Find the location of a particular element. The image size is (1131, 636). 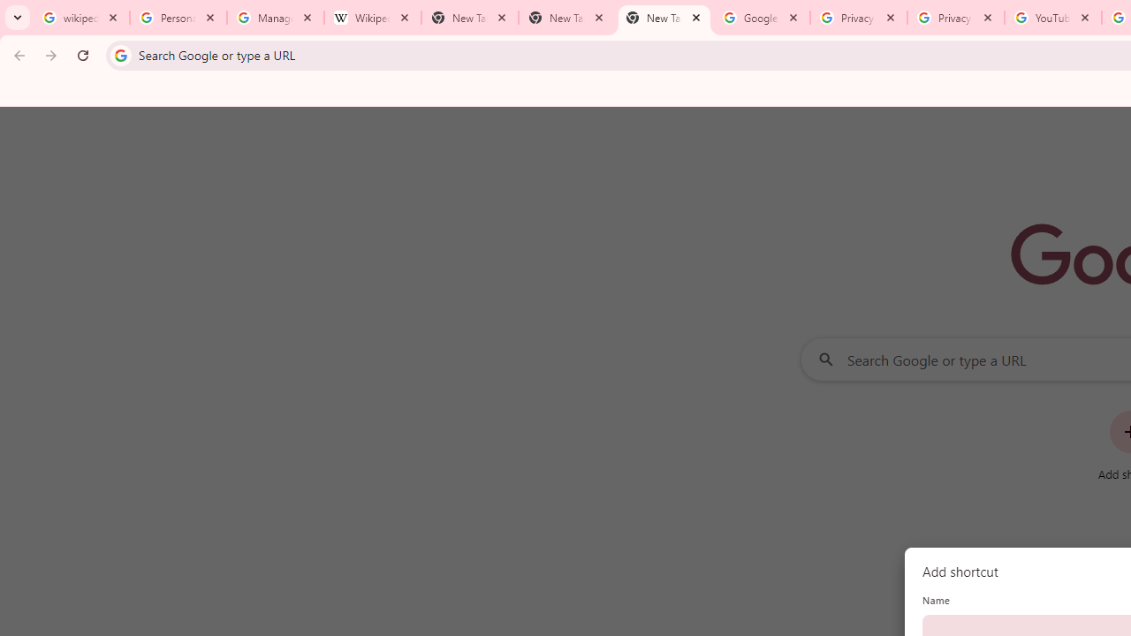

'Wikipedia:Edit requests - Wikipedia' is located at coordinates (372, 18).